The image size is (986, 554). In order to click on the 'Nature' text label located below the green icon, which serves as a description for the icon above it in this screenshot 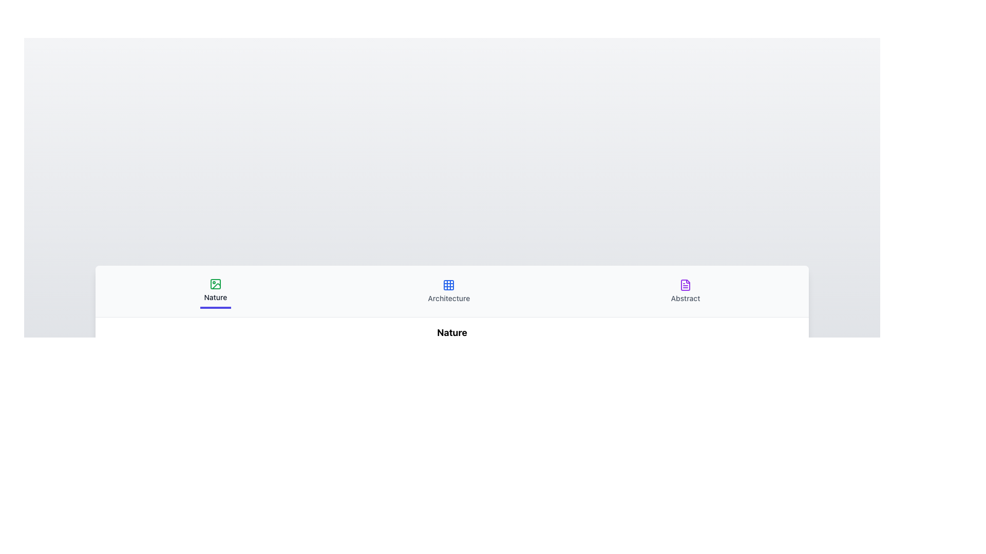, I will do `click(215, 297)`.